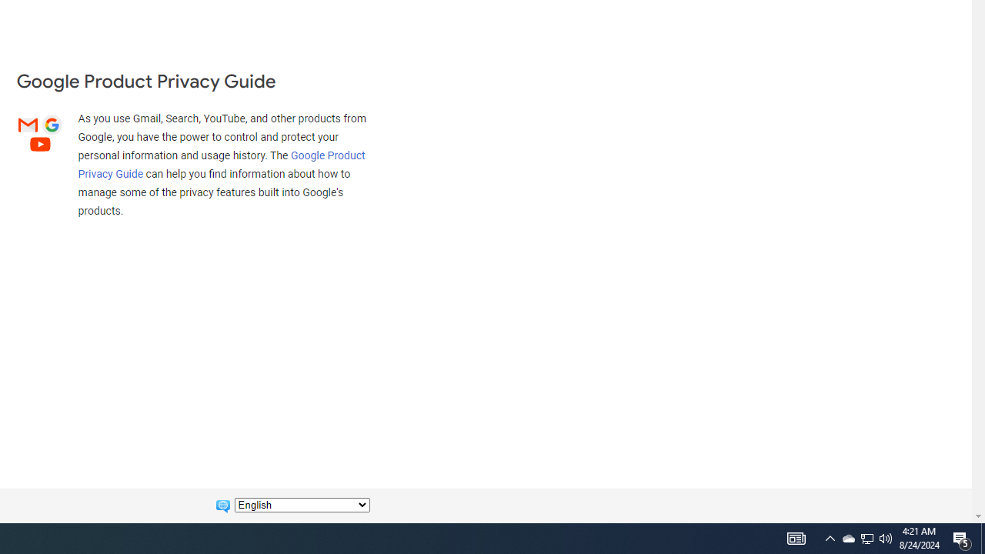  Describe the element at coordinates (221, 164) in the screenshot. I see `'Google Product Privacy Guide'` at that location.